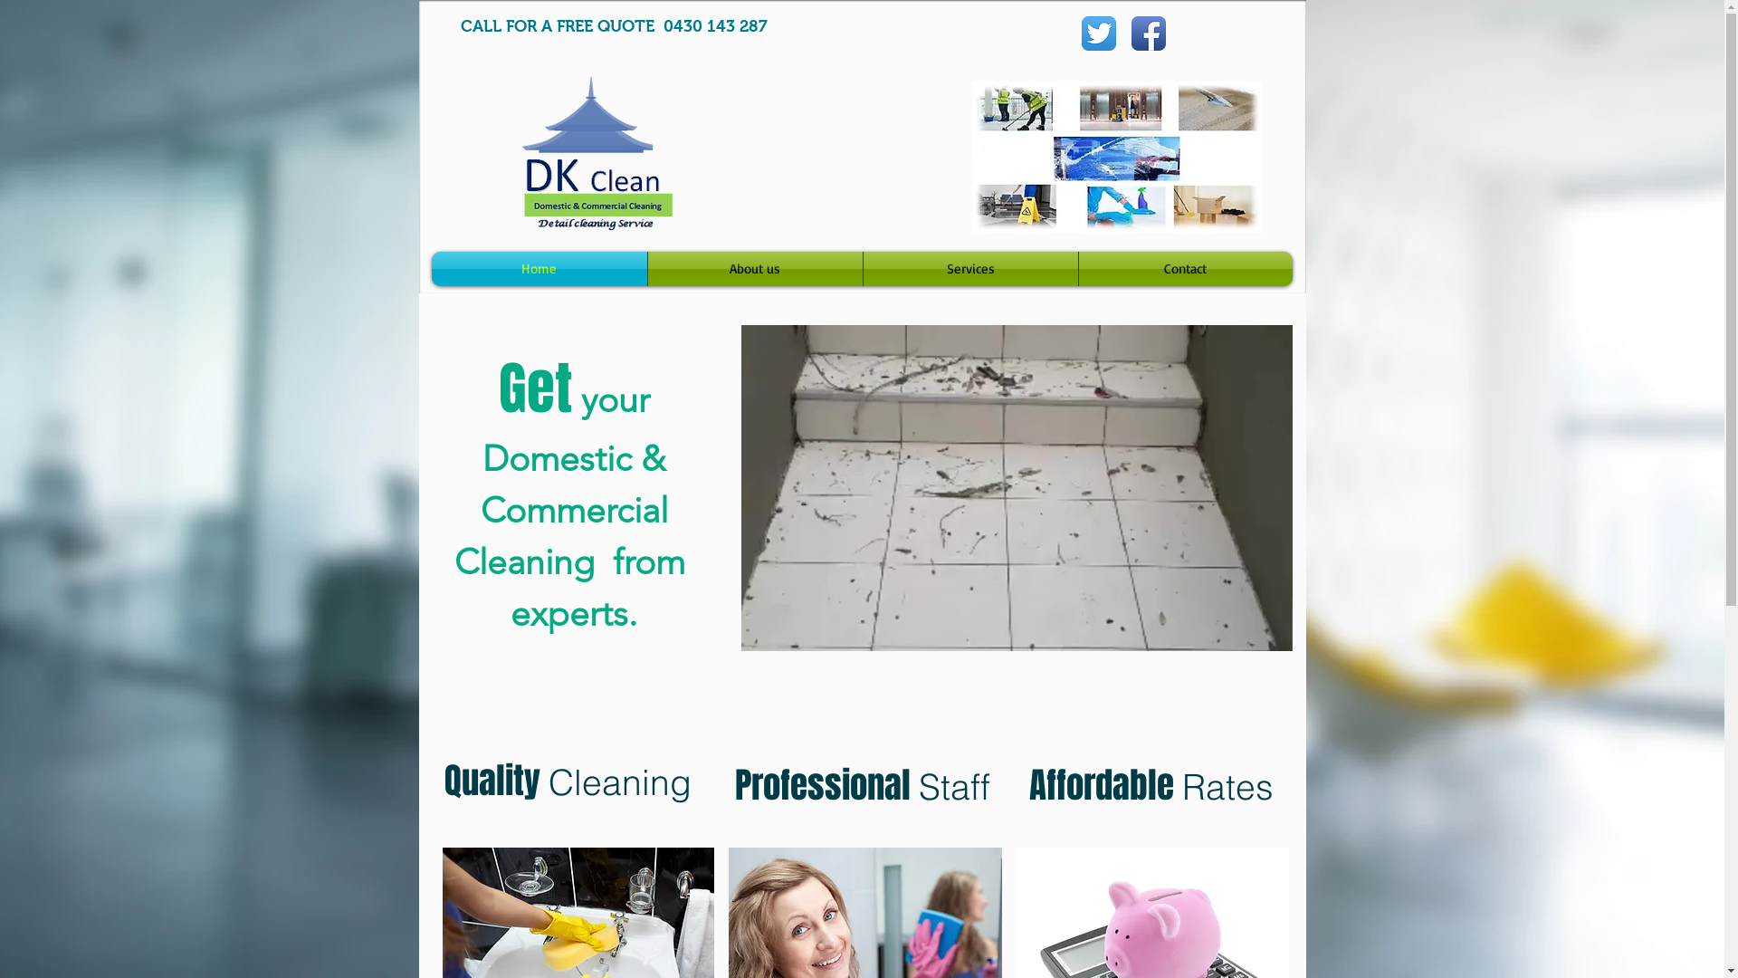 This screenshot has width=1738, height=978. Describe the element at coordinates (611, 398) in the screenshot. I see `'your'` at that location.